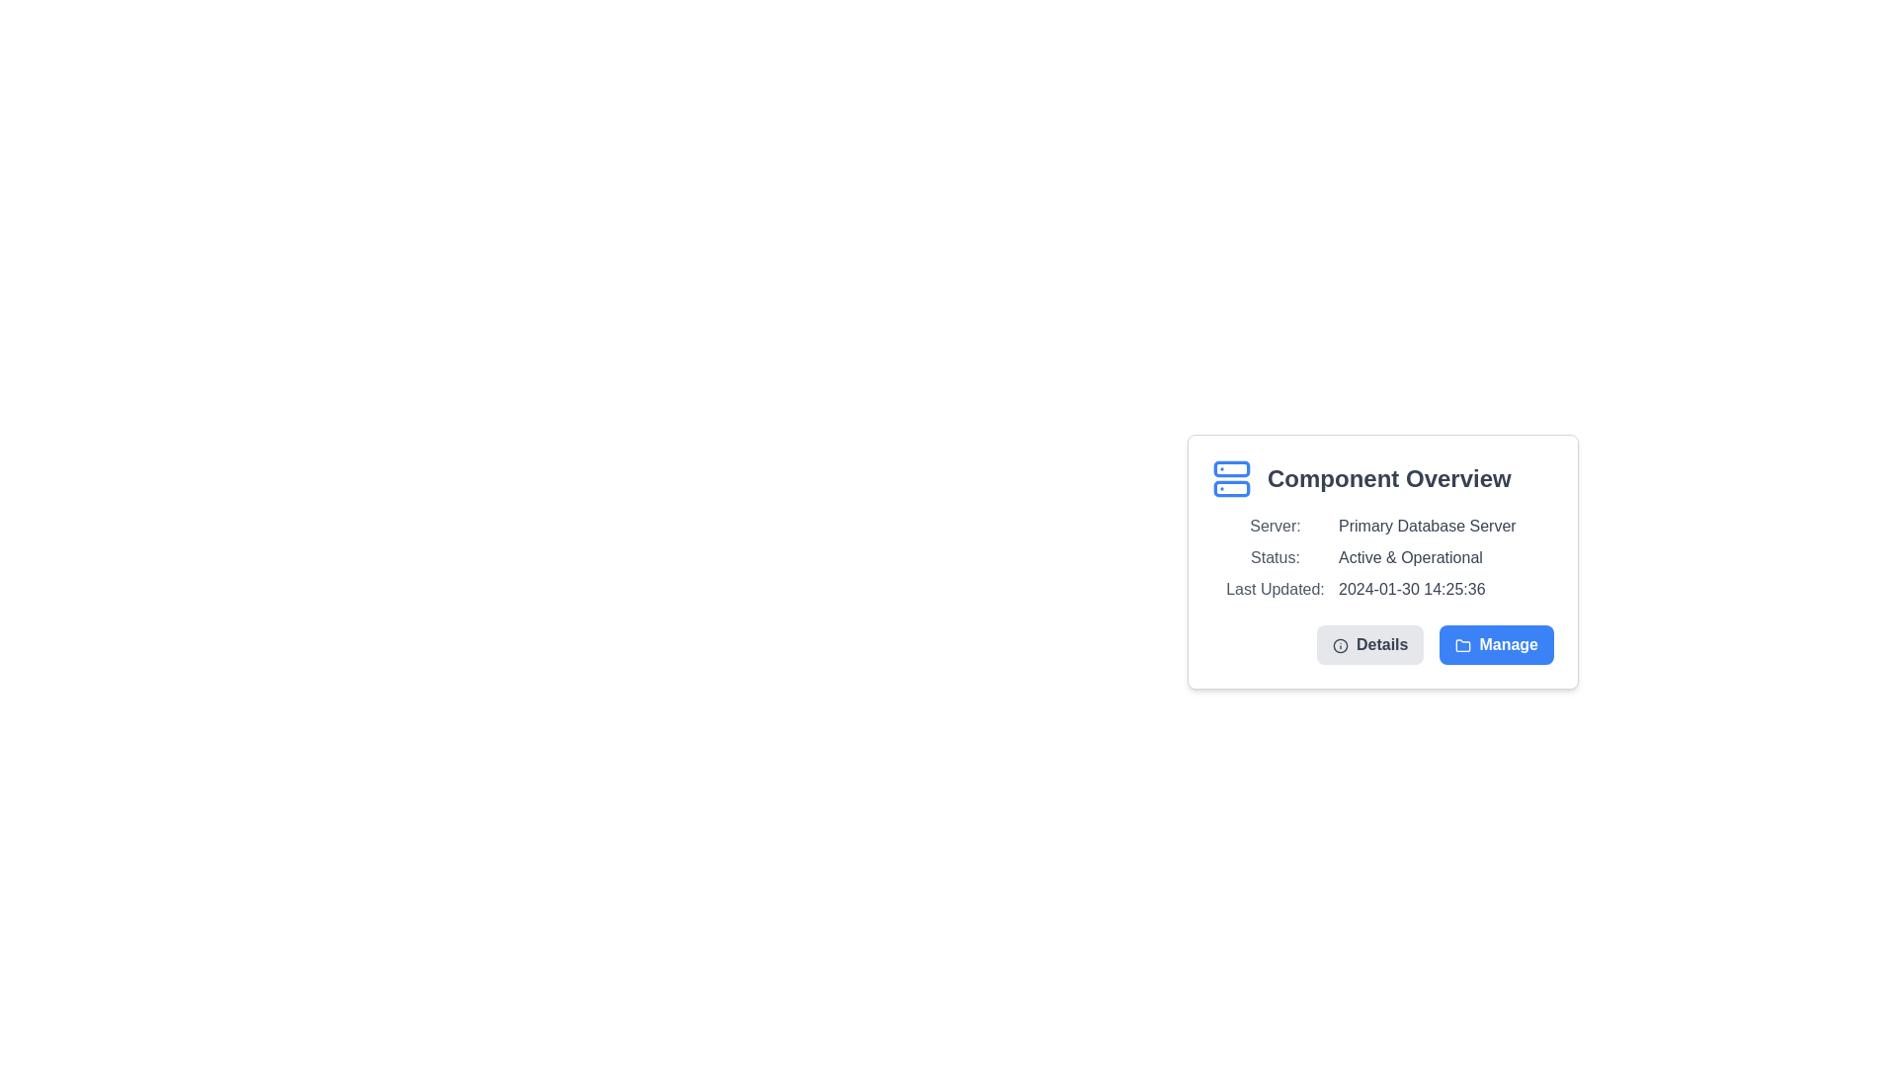 Image resolution: width=1897 pixels, height=1067 pixels. What do you see at coordinates (1463, 645) in the screenshot?
I see `the folder icon located in the top-left corner of the 'Component Overview' card, adjacent to the title text` at bounding box center [1463, 645].